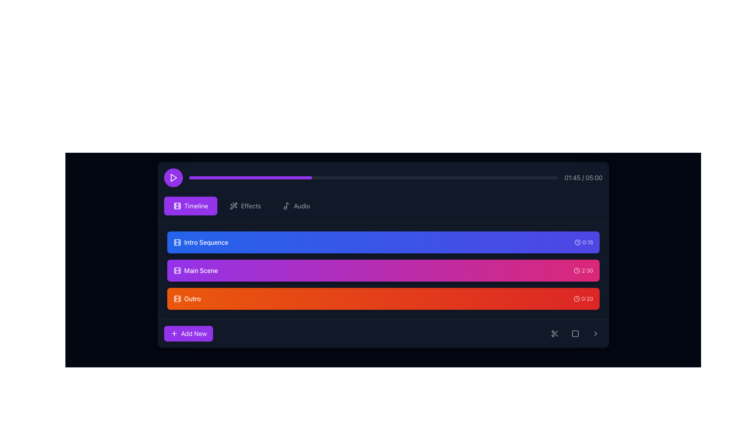  Describe the element at coordinates (575, 334) in the screenshot. I see `the small, square-shaped icon` at that location.